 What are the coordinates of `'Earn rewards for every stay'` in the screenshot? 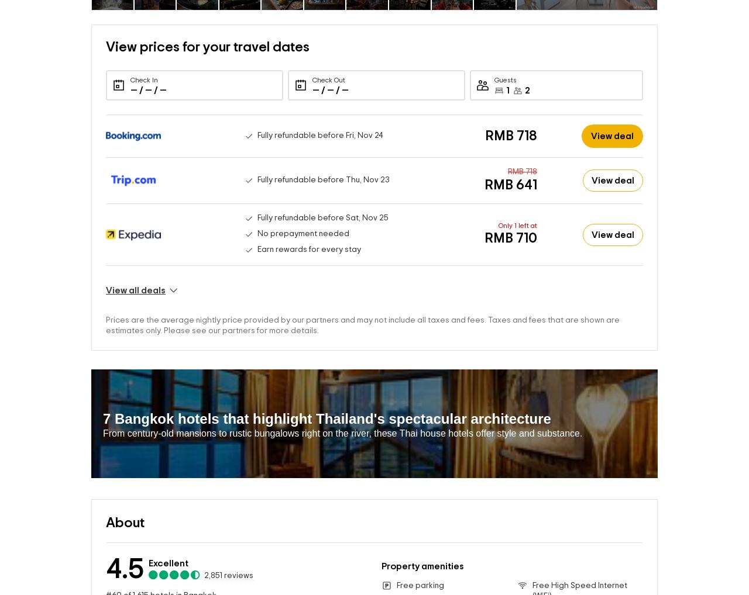 It's located at (308, 230).